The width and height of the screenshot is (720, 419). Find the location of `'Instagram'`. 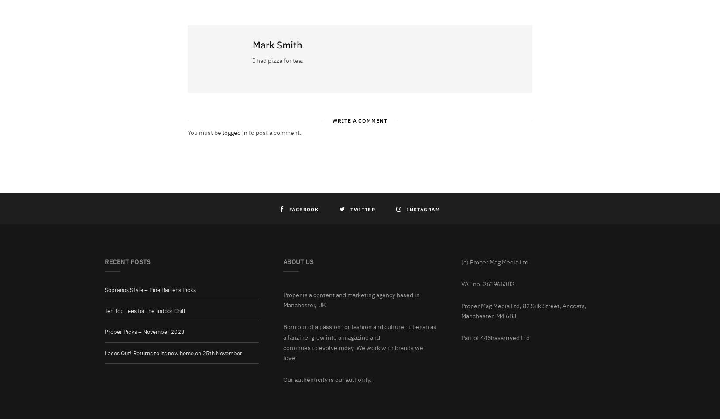

'Instagram' is located at coordinates (423, 208).